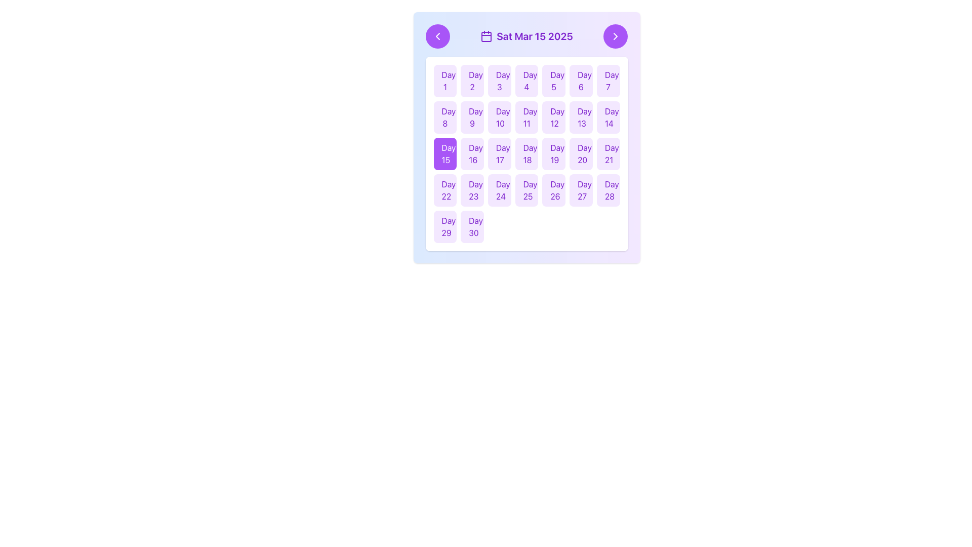 Image resolution: width=972 pixels, height=547 pixels. Describe the element at coordinates (581, 80) in the screenshot. I see `the button representing the sixth day in the calendar interface, located in the first row and sixth column of the grid` at that location.